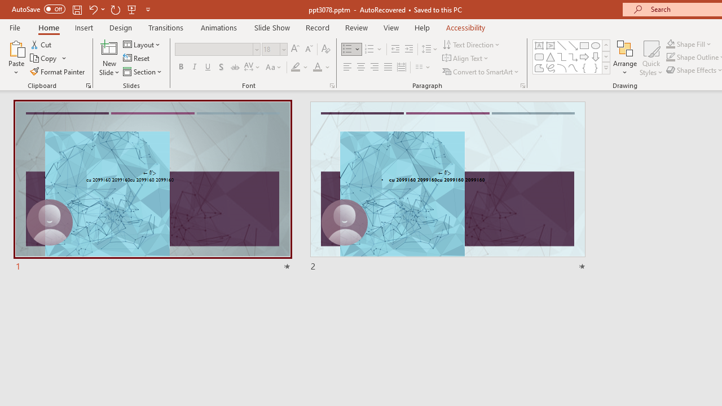 This screenshot has height=406, width=722. I want to click on 'Shape Fill Dark Green, Accent 2', so click(671, 43).